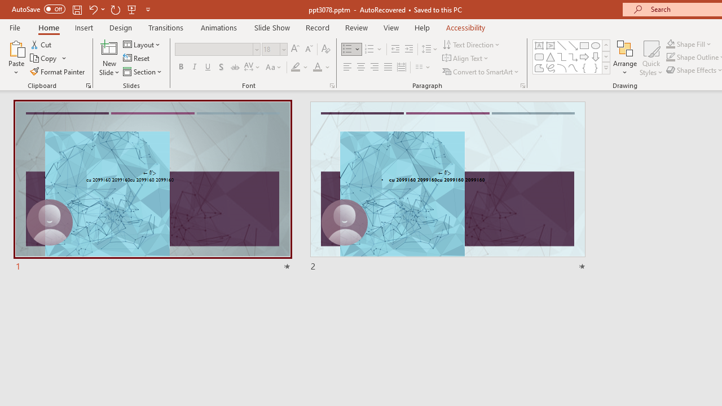 This screenshot has height=406, width=722. I want to click on 'Shape Fill Dark Green, Accent 2', so click(671, 43).